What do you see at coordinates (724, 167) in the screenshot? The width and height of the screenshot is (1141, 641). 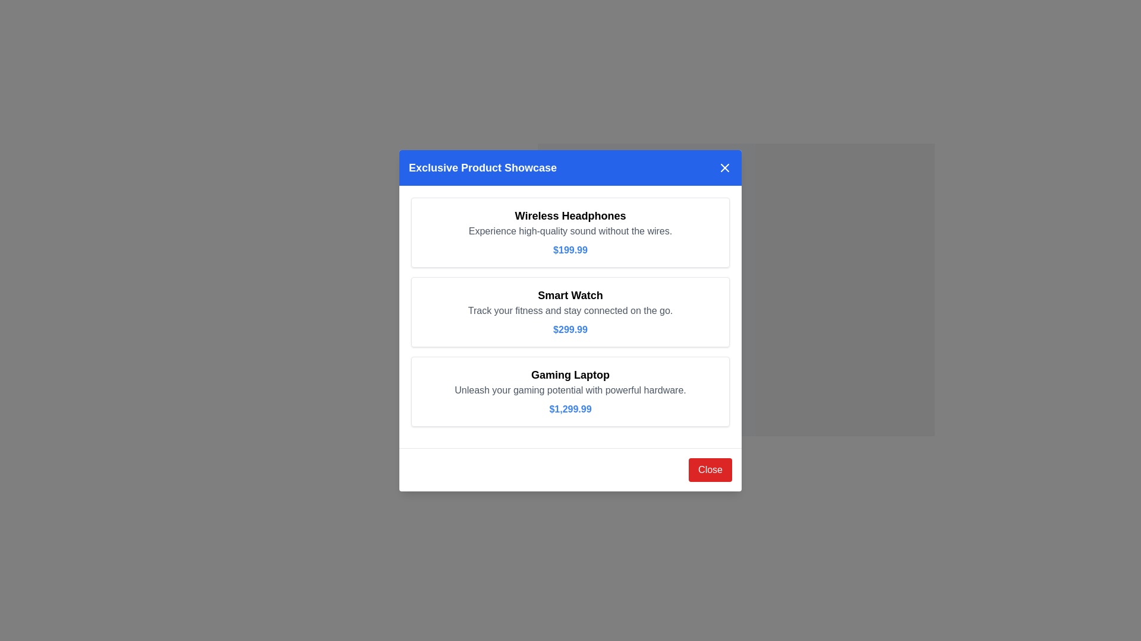 I see `the blue close button with a white 'X' icon located in the top-right corner of the header bar titled 'Exclusive Product Showcase'` at bounding box center [724, 167].